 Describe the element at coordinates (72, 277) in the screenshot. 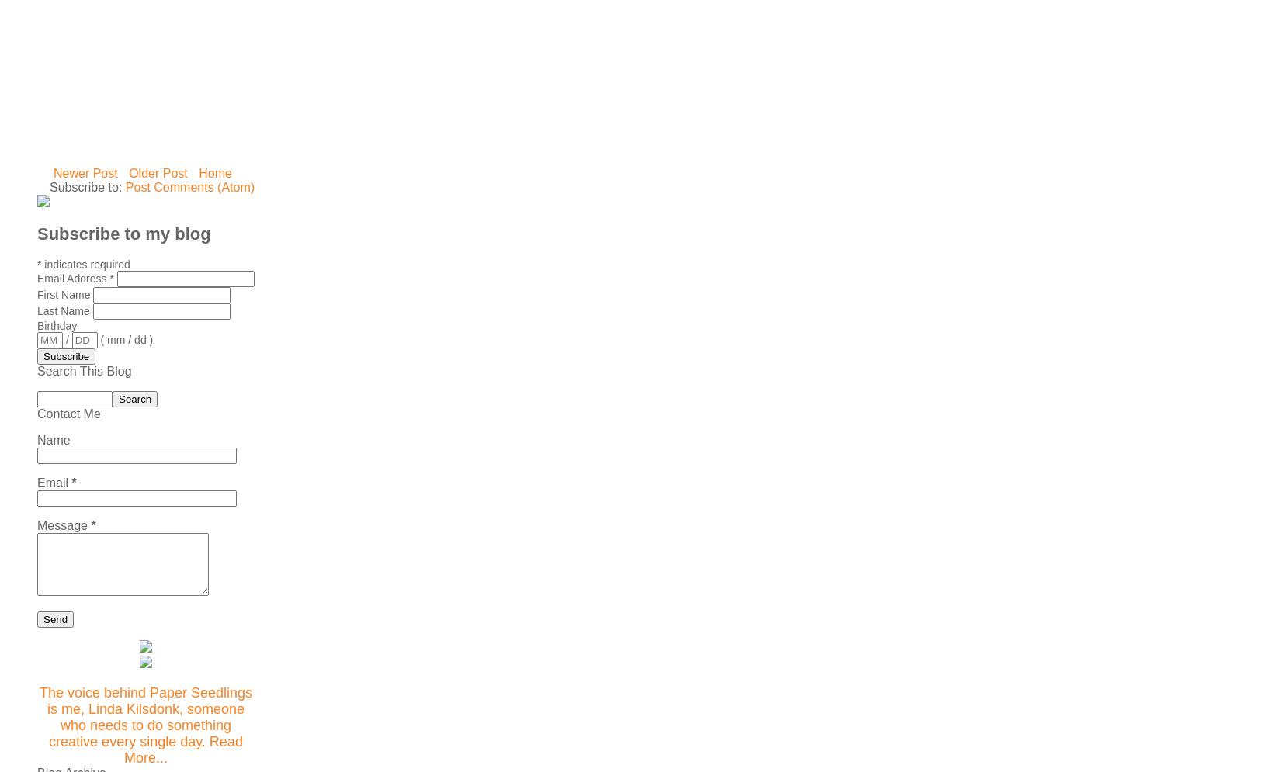

I see `'Email Address'` at that location.